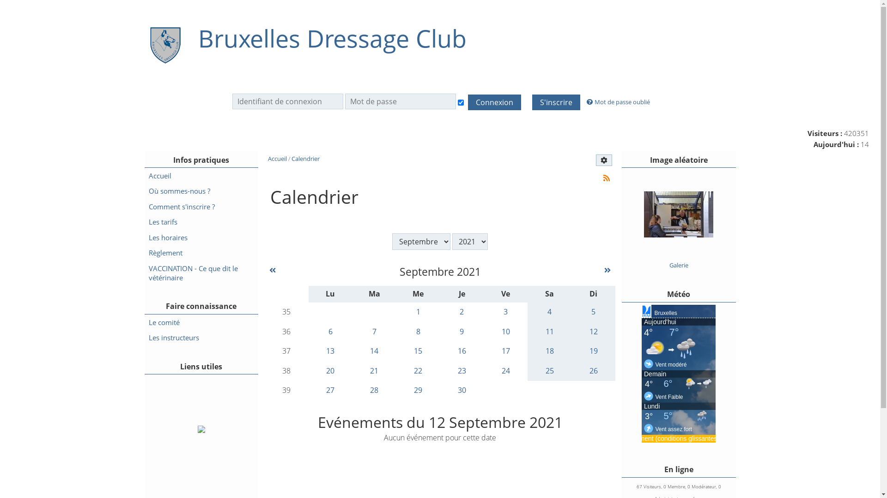  What do you see at coordinates (608, 270) in the screenshot?
I see `'Octobre 2021'` at bounding box center [608, 270].